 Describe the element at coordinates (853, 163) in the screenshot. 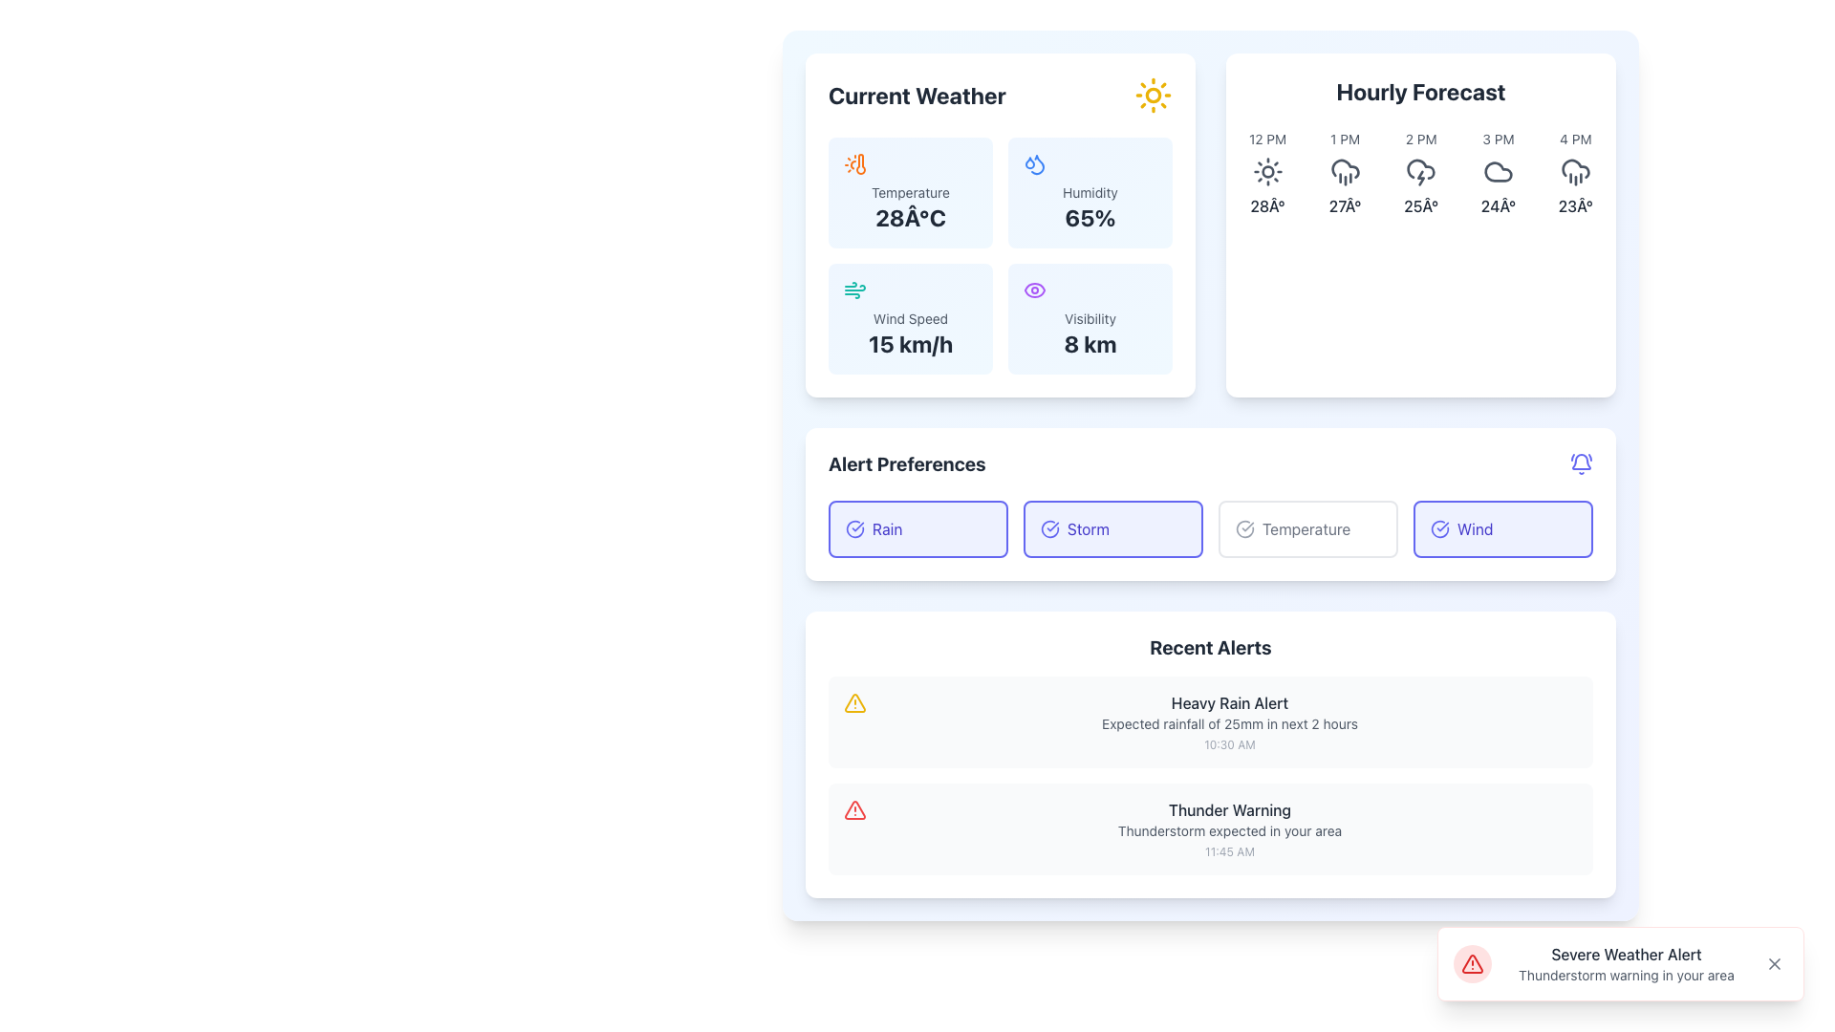

I see `the small bright orange thermometer icon with sun rays, located in the 'Current Weather' section, above the text 'Temperature' and left of '28°C'` at that location.